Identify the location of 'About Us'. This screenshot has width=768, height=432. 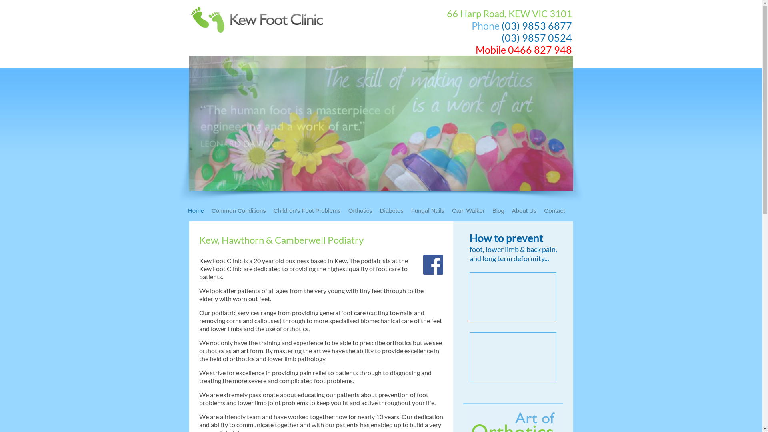
(527, 212).